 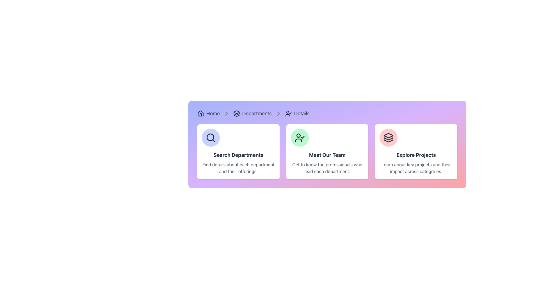 What do you see at coordinates (278, 114) in the screenshot?
I see `the right-facing chevron arrow icon located in the navigation bar, positioned between the 'Departments' text and 'Details' text` at bounding box center [278, 114].